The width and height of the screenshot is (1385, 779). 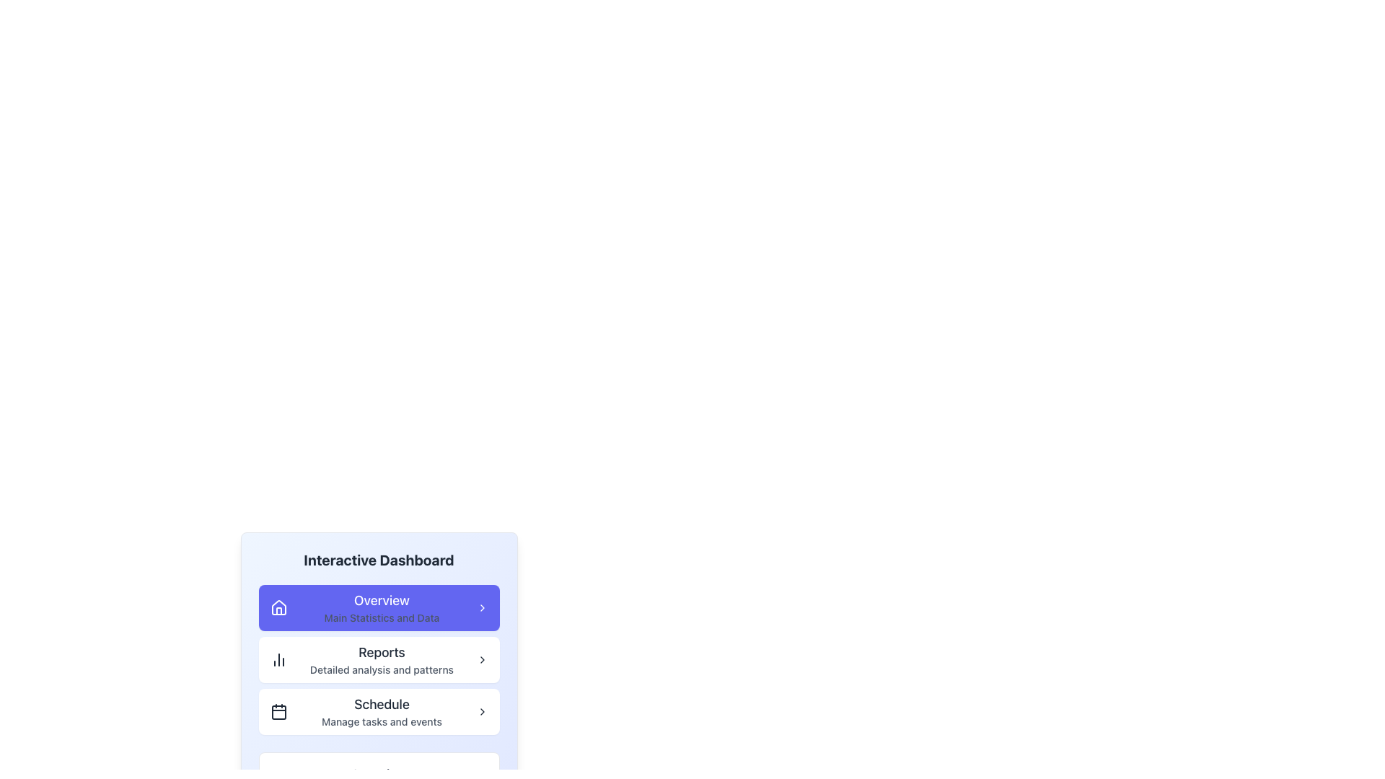 I want to click on the 'Schedule' button, which is a rectangular button with a white background, gray text, a calendar icon on the left, and a chevron icon on the right, located in the sidebar below the 'Reports' button, so click(x=379, y=711).